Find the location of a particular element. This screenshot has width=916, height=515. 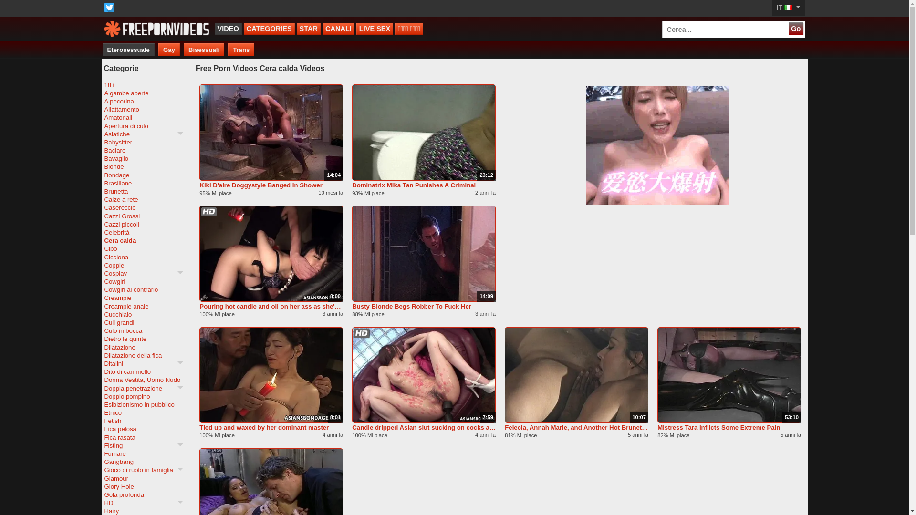

'IT' is located at coordinates (788, 8).